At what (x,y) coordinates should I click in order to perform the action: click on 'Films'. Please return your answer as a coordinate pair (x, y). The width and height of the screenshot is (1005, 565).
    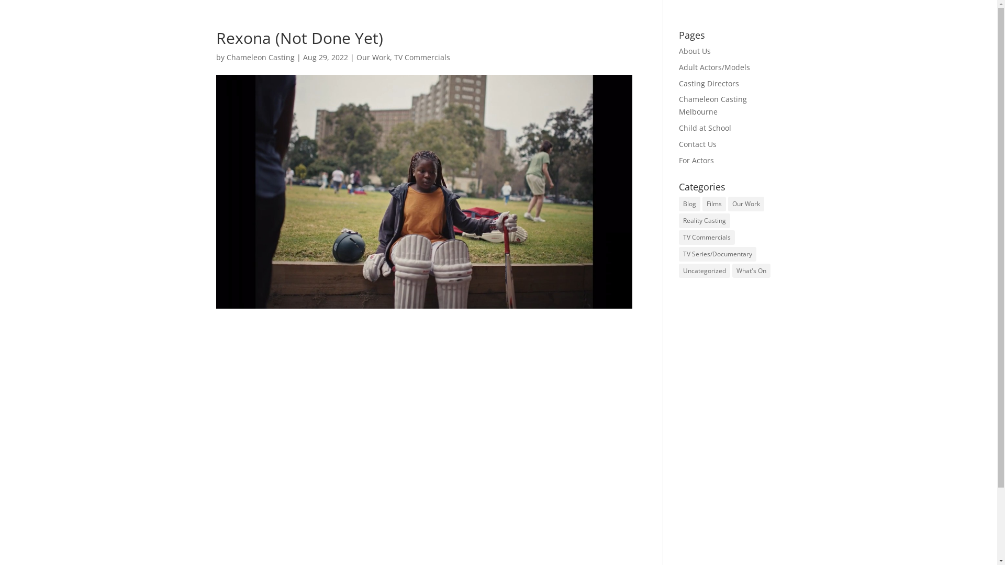
    Looking at the image, I should click on (702, 204).